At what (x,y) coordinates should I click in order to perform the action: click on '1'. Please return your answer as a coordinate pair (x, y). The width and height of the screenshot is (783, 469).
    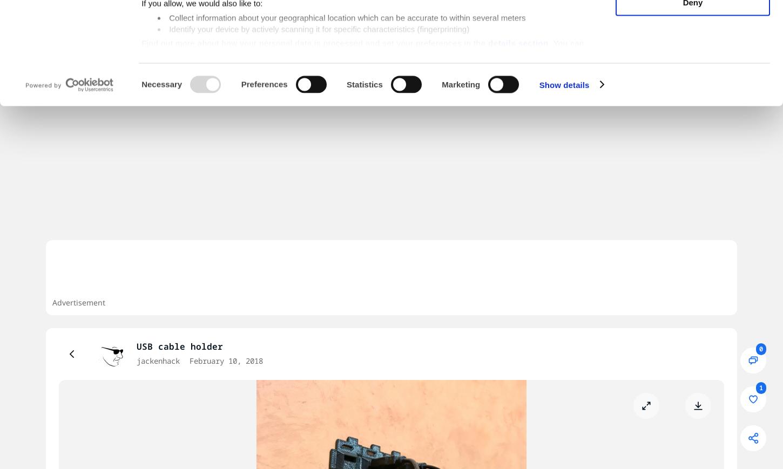
    Looking at the image, I should click on (758, 388).